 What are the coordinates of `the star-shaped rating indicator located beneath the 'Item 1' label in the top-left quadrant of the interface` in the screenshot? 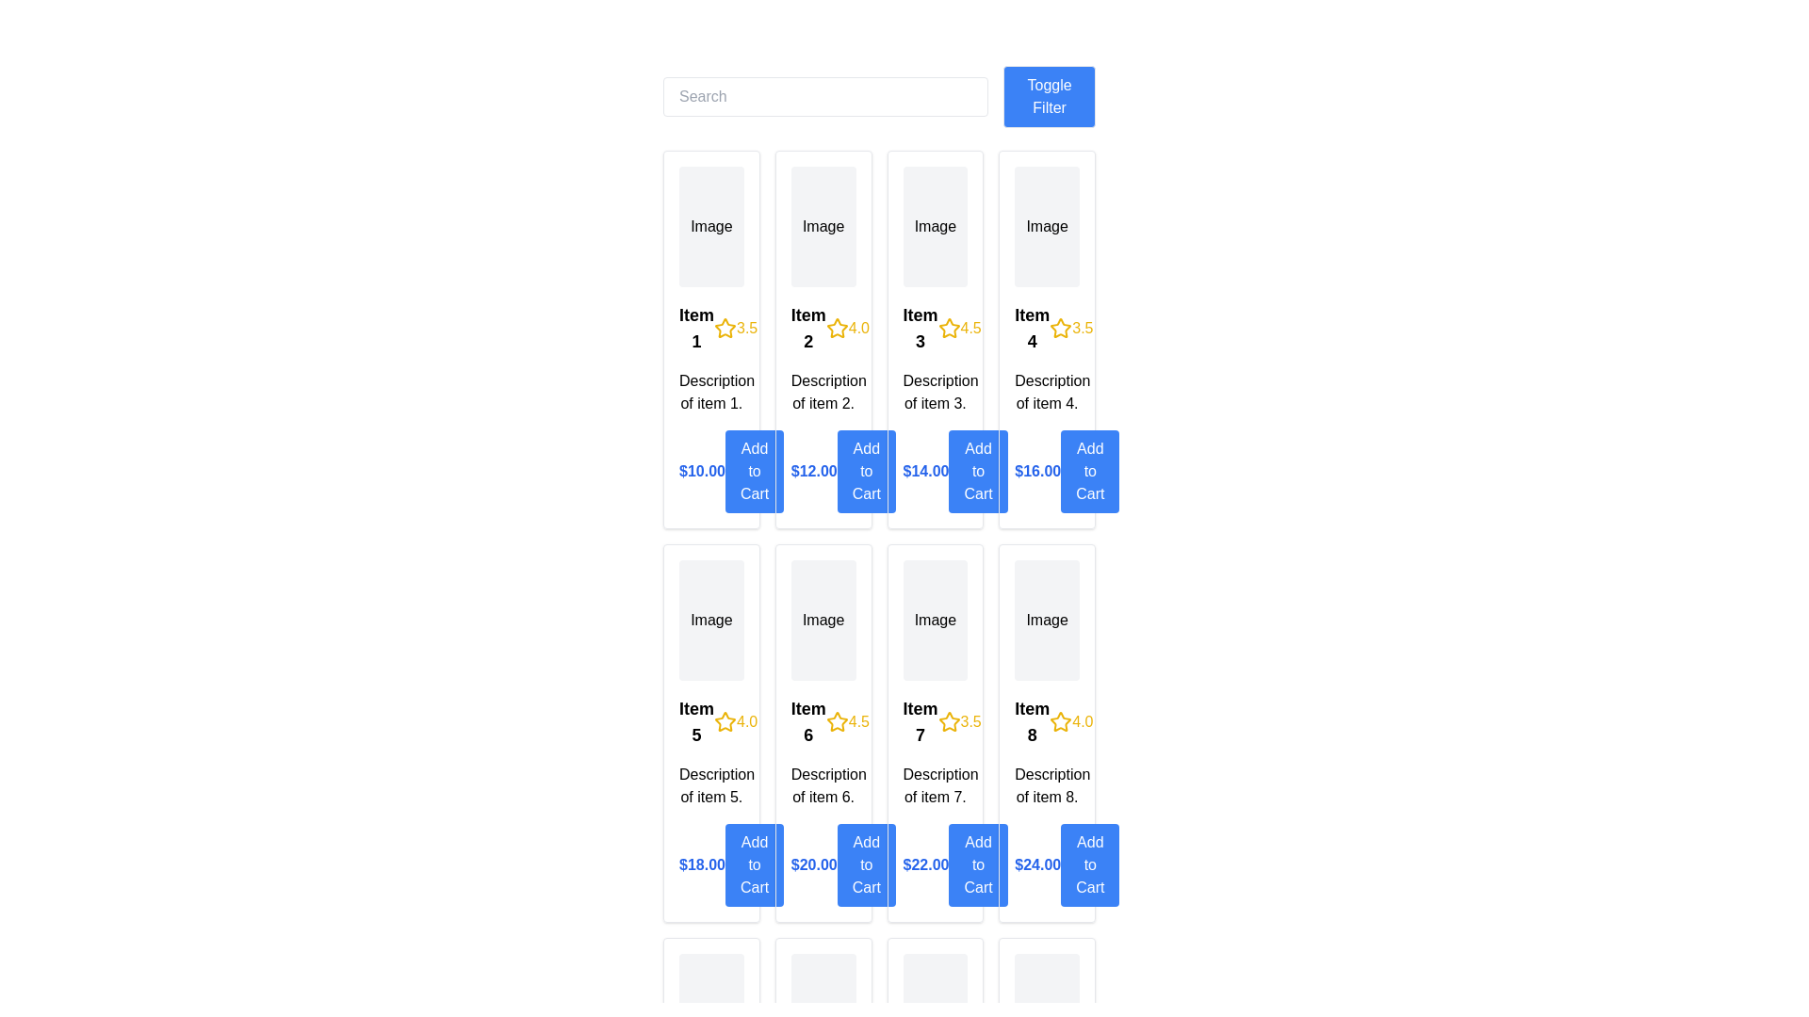 It's located at (724, 327).